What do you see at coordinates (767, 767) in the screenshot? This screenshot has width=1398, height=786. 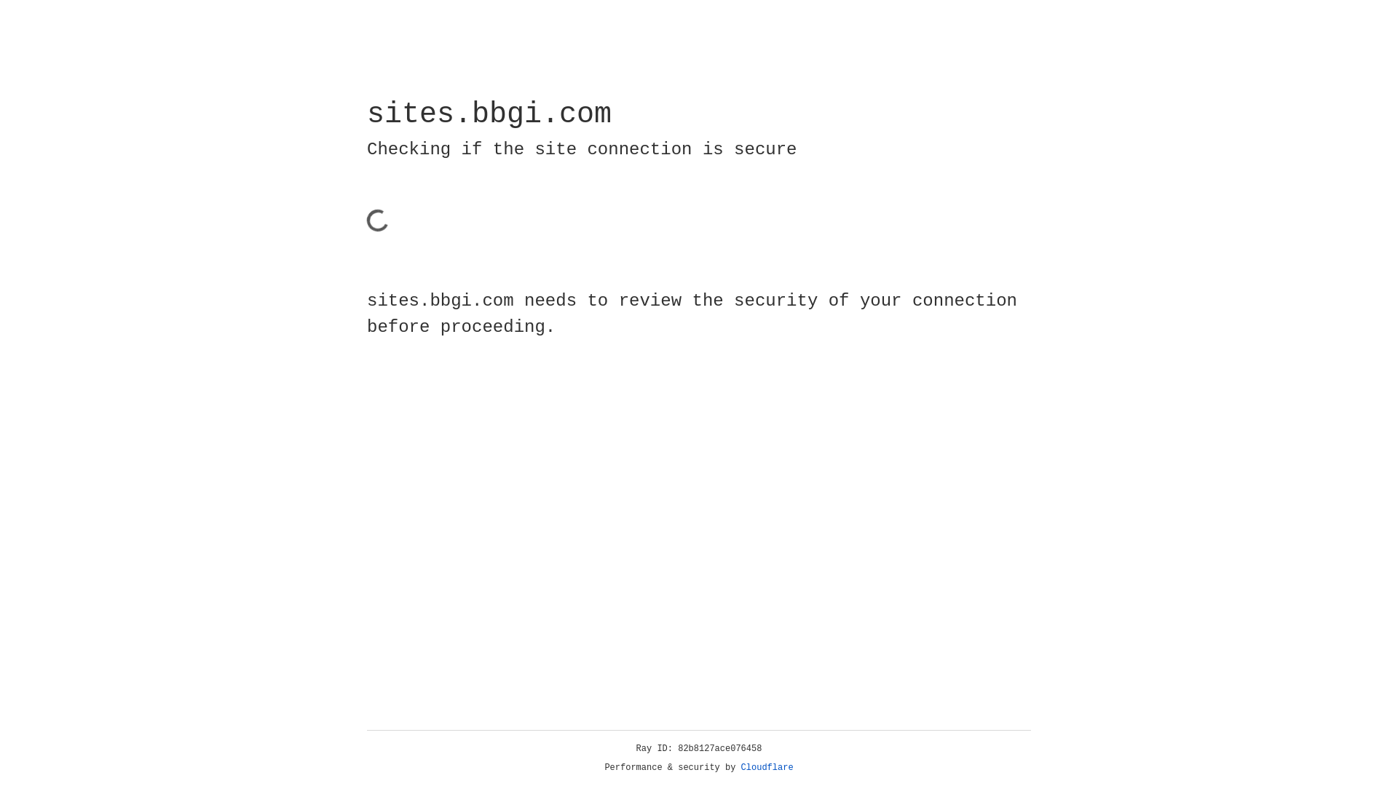 I see `'Cloudflare'` at bounding box center [767, 767].